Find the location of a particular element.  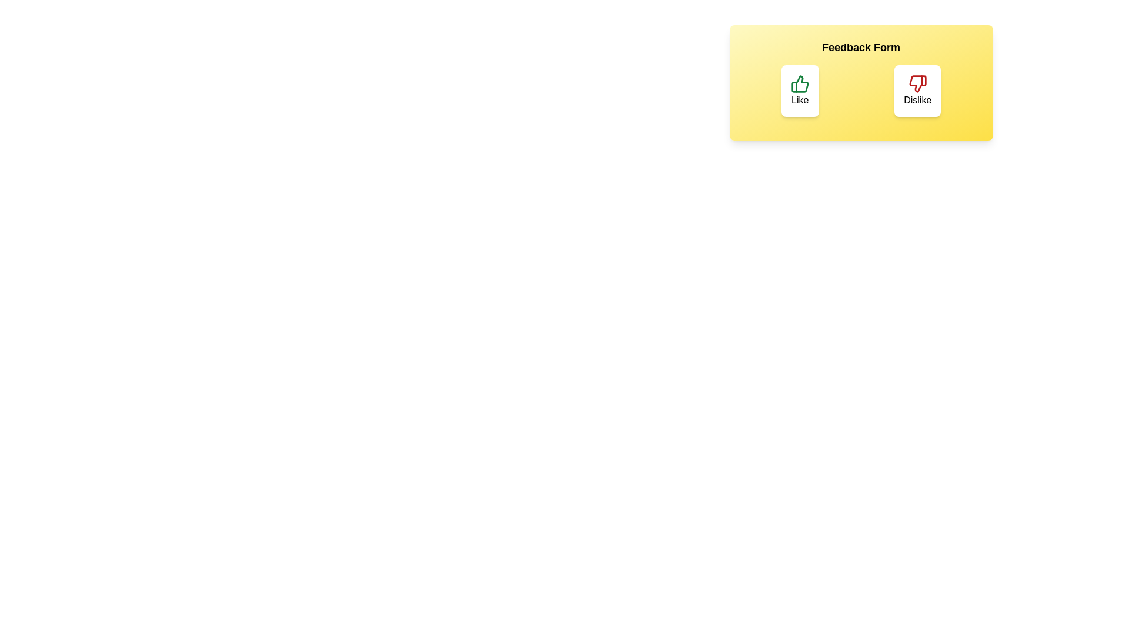

the button labeled Like to observe its hover effect is located at coordinates (800, 90).